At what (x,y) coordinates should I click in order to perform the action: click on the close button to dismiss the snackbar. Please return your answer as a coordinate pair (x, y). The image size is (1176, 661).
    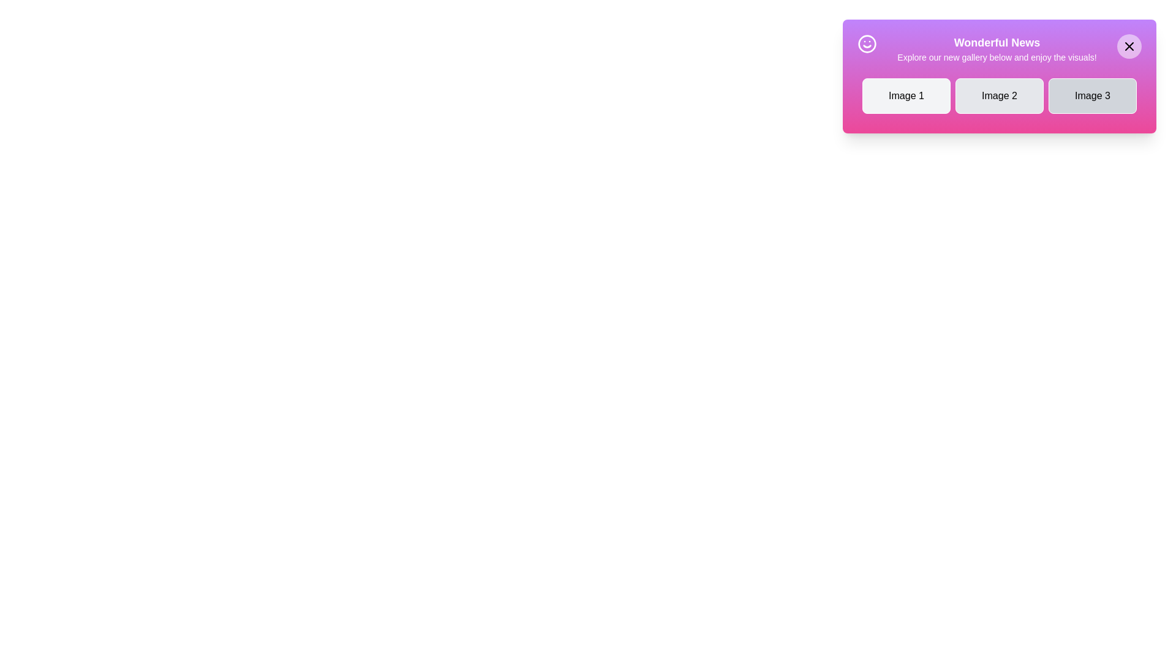
    Looking at the image, I should click on (1128, 46).